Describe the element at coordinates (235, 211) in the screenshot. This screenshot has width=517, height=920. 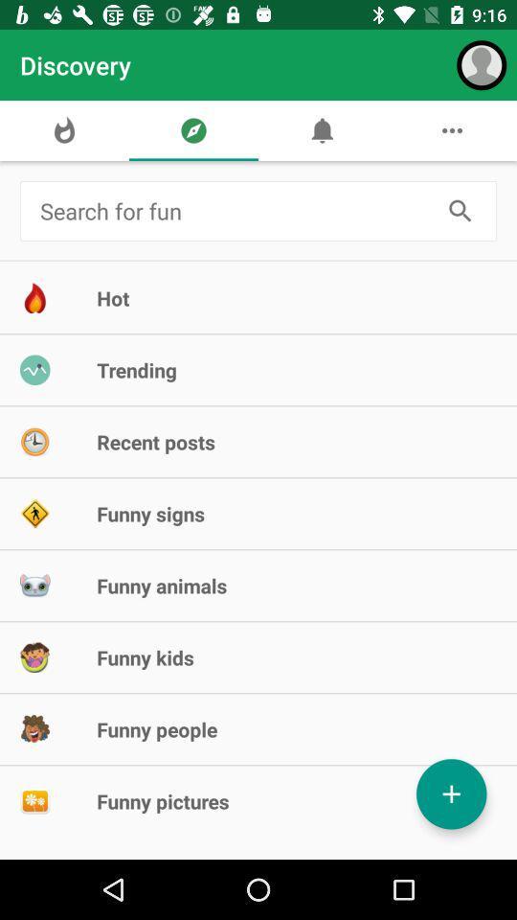
I see `go back` at that location.